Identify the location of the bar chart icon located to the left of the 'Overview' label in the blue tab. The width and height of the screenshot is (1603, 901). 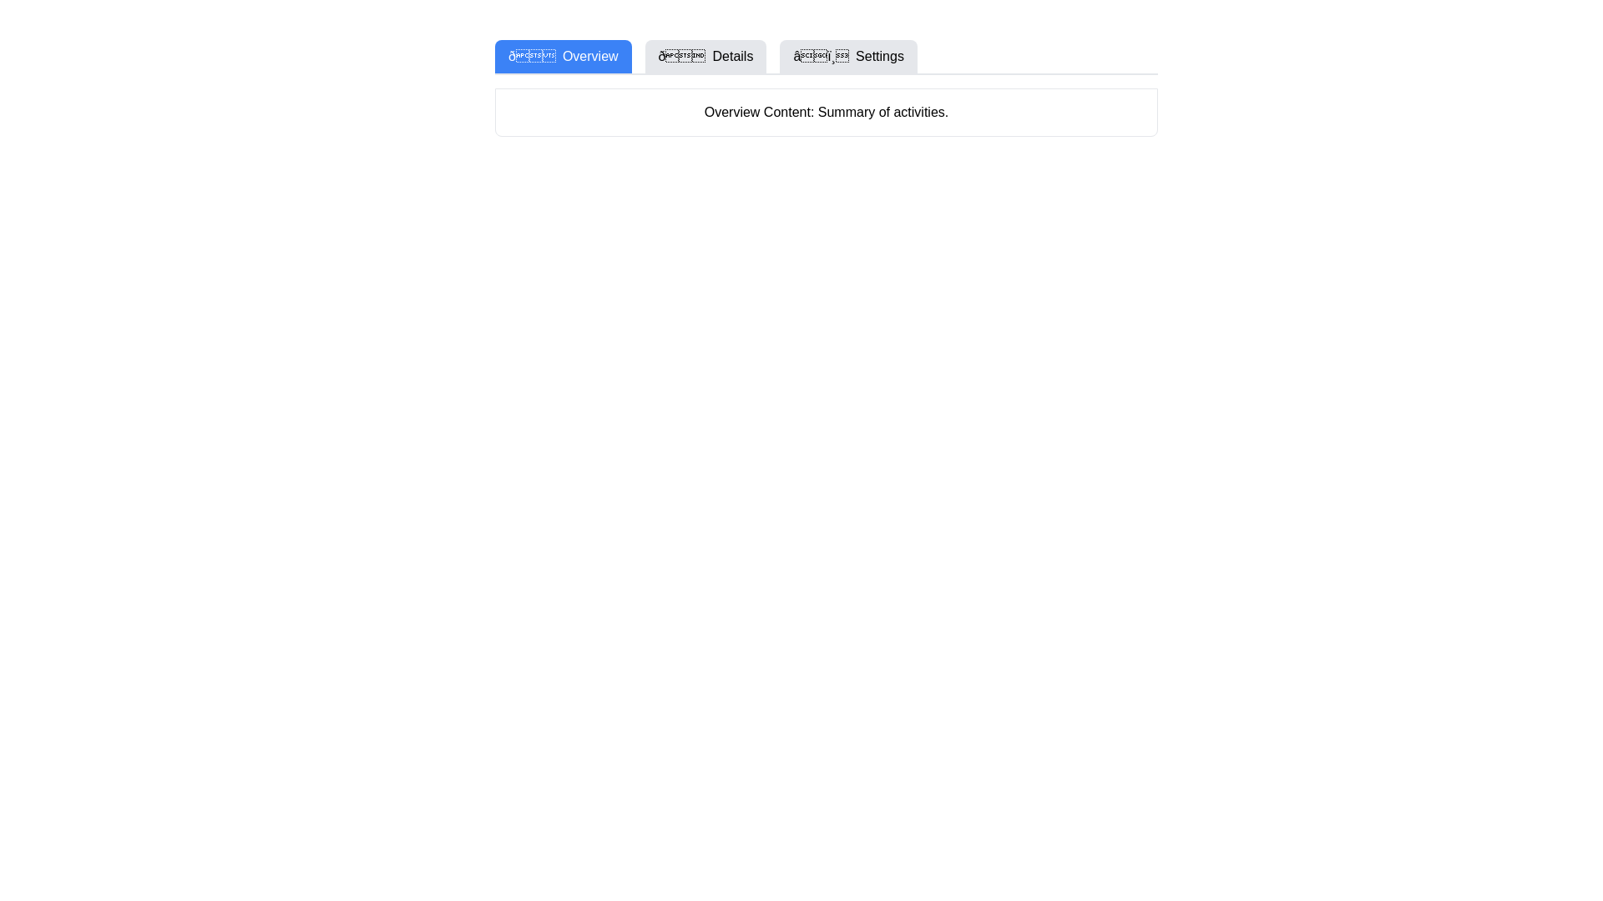
(531, 55).